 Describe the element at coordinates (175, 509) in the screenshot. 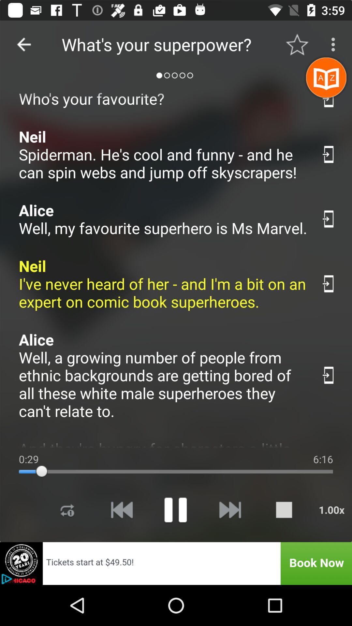

I see `the pause icon` at that location.